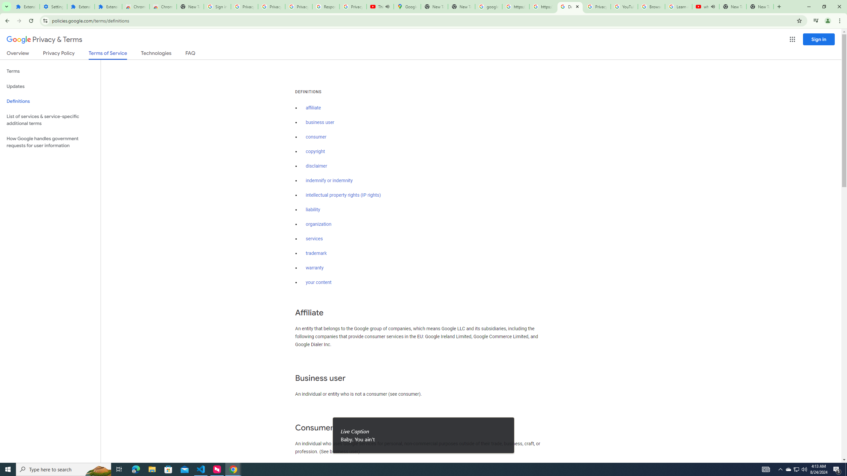 The height and width of the screenshot is (476, 847). What do you see at coordinates (651, 6) in the screenshot?
I see `'Browse Chrome as a guest - Computer - Google Chrome Help'` at bounding box center [651, 6].